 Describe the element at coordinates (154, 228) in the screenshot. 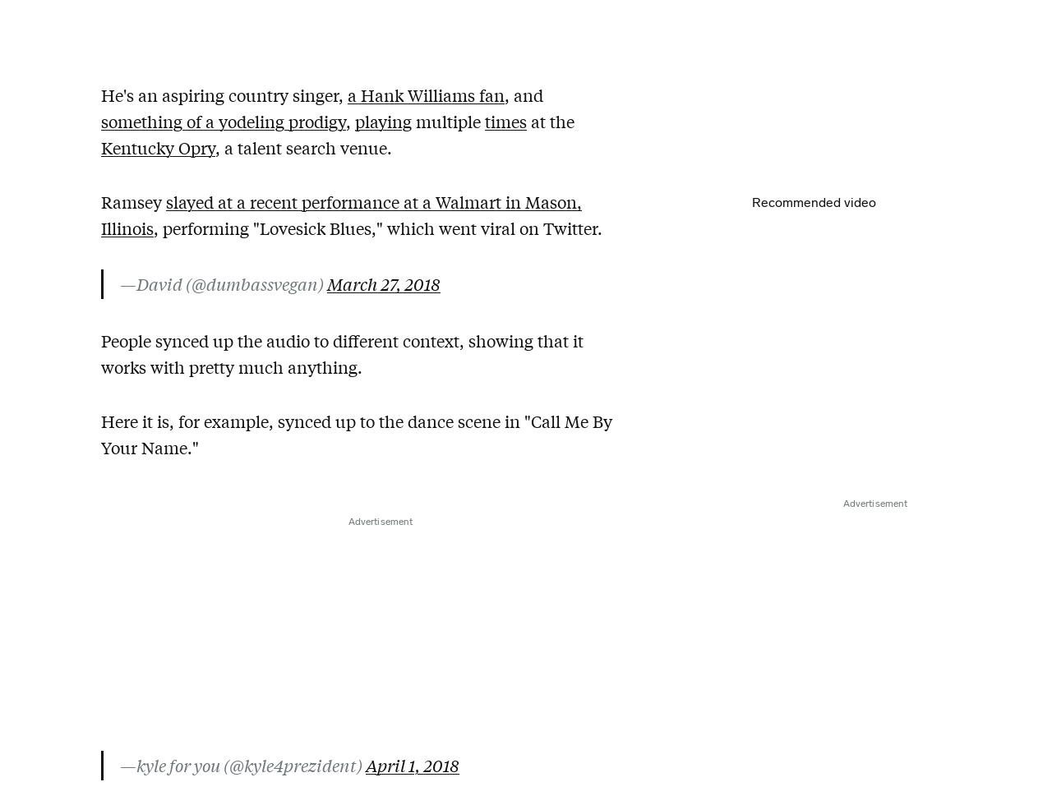

I see `', performing "Lovesick Blues," which went viral on Twitter.'` at that location.